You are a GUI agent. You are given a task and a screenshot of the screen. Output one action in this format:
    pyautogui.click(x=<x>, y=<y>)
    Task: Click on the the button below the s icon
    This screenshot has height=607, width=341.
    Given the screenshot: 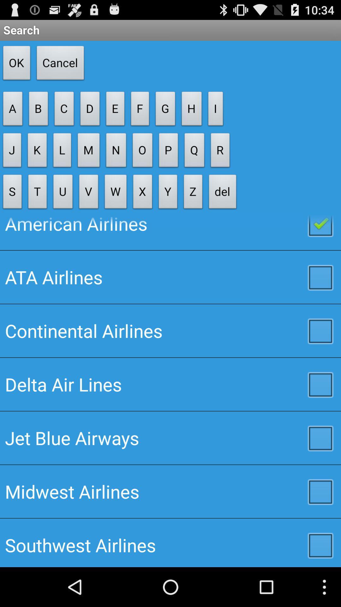 What is the action you would take?
    pyautogui.click(x=170, y=232)
    